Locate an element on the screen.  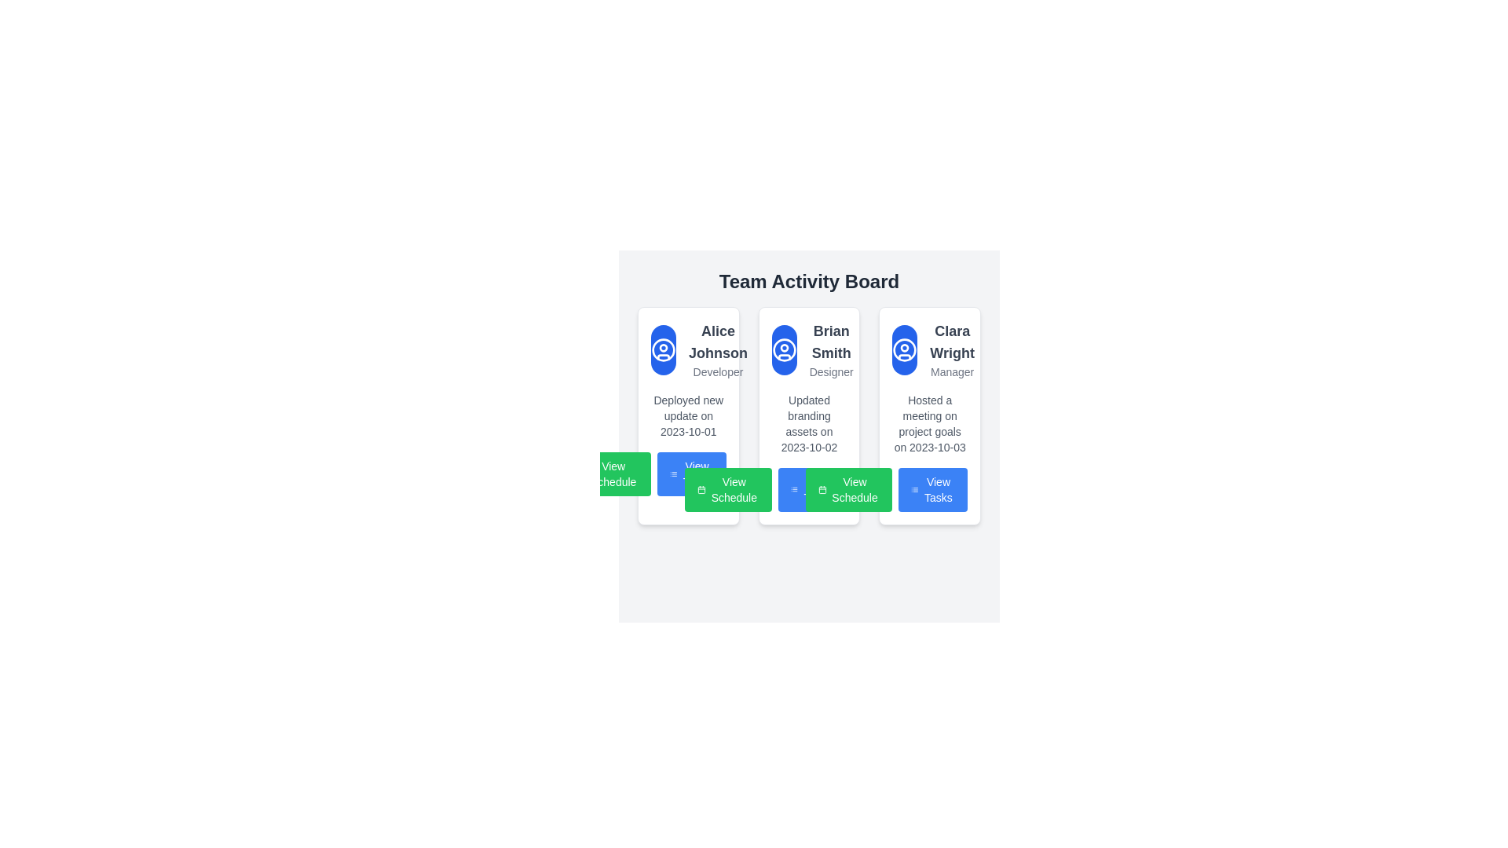
the 'Designer' text label, which is styled in a smaller font size with a light gray color and positioned beneath the 'Brian Smith' text in the second card of the 'Team Activity Board' interface is located at coordinates (830, 372).